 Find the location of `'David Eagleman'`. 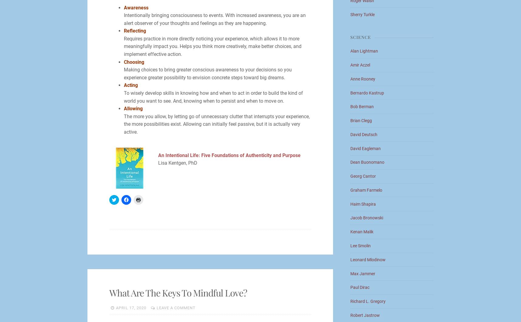

'David Eagleman' is located at coordinates (365, 148).